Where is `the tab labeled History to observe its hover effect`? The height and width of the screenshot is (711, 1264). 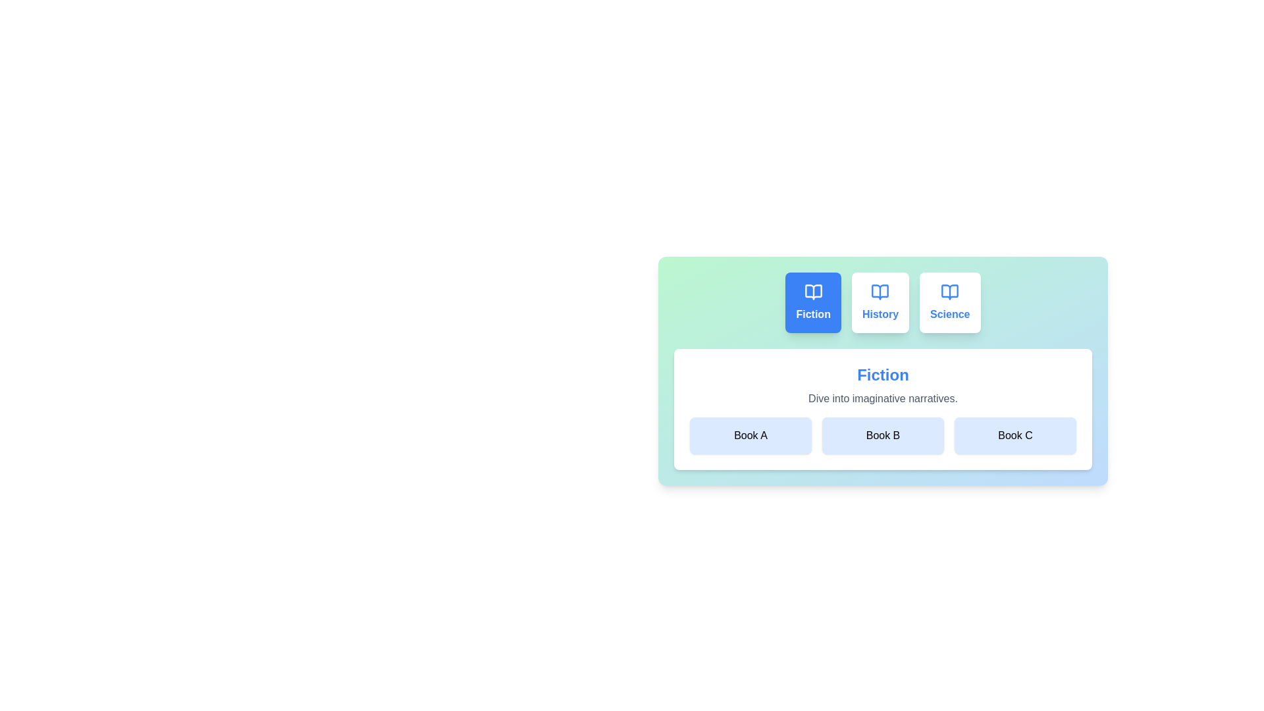 the tab labeled History to observe its hover effect is located at coordinates (880, 302).